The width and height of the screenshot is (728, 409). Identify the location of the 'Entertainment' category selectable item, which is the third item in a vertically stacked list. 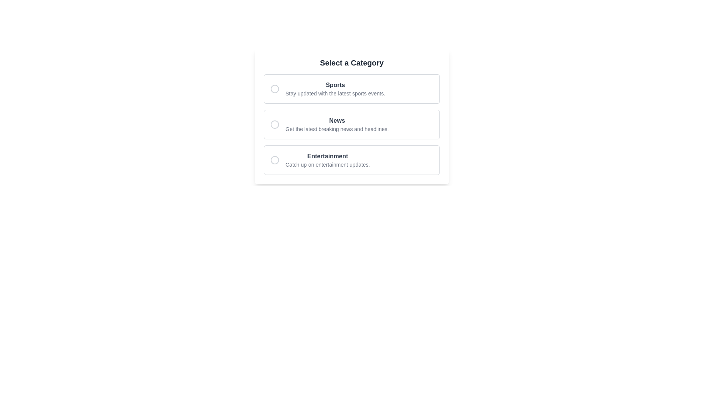
(351, 160).